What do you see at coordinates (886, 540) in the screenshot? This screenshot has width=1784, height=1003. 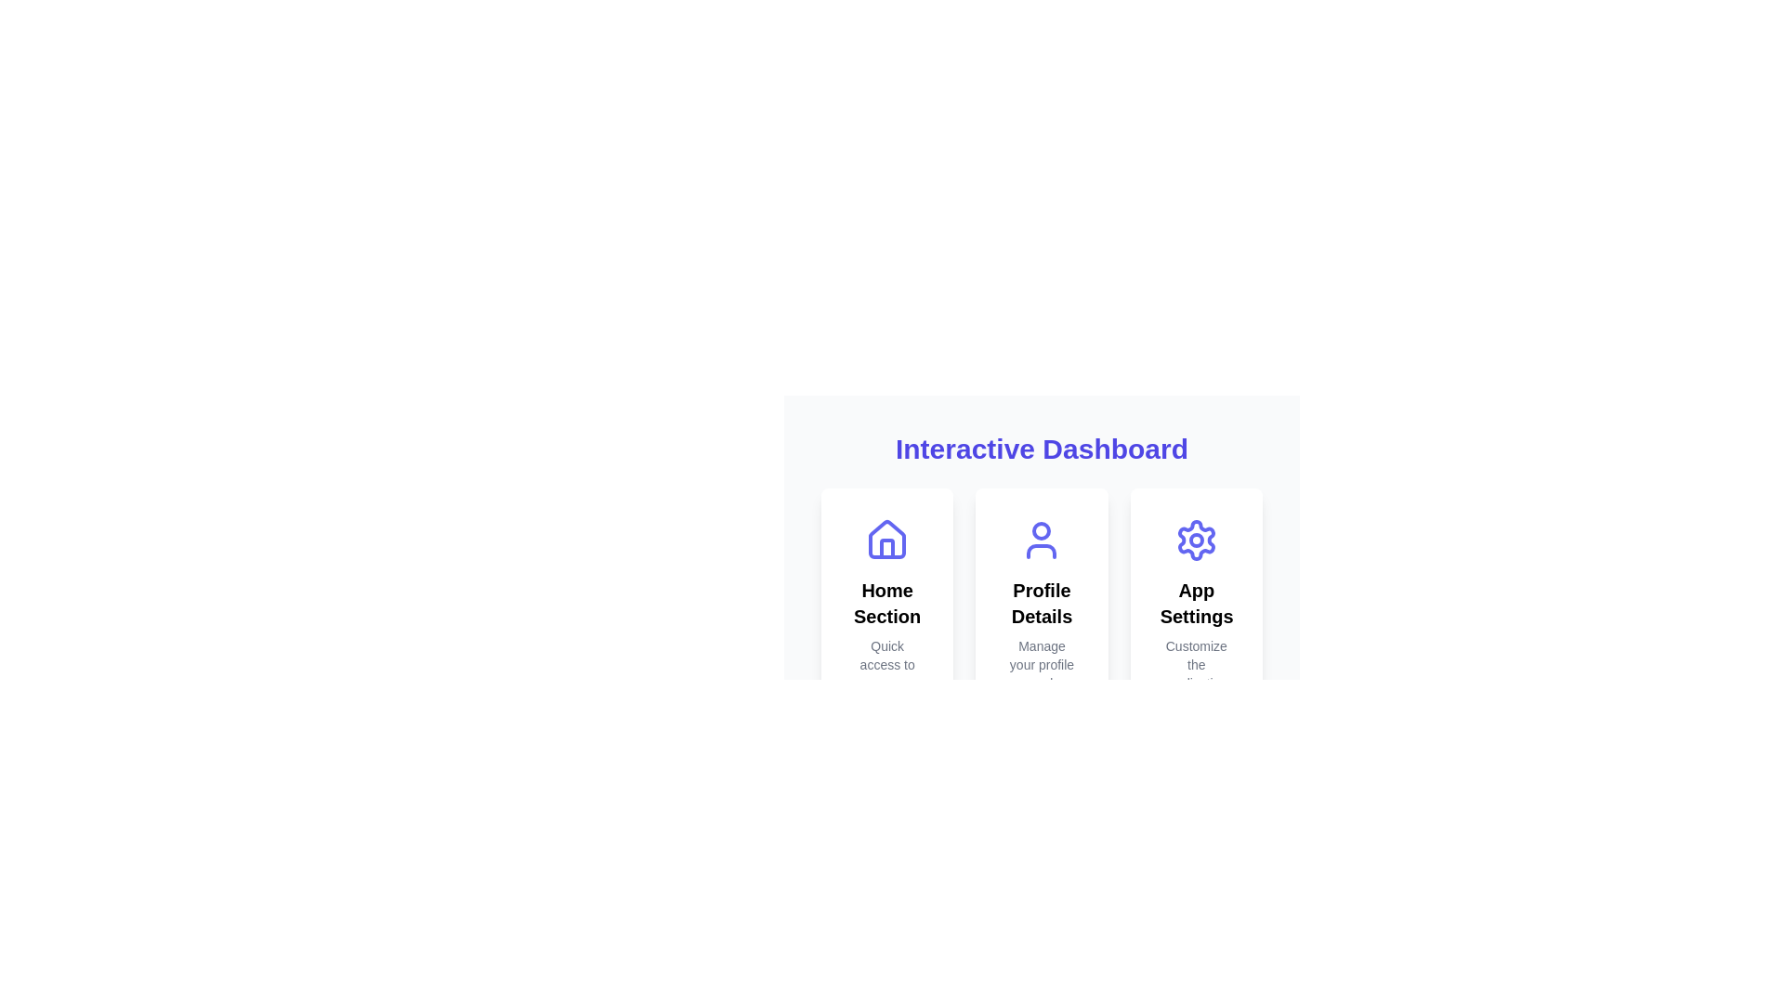 I see `upper segment of the house-shaped icon representing the 'Home Section' in the first card of the dashboard` at bounding box center [886, 540].